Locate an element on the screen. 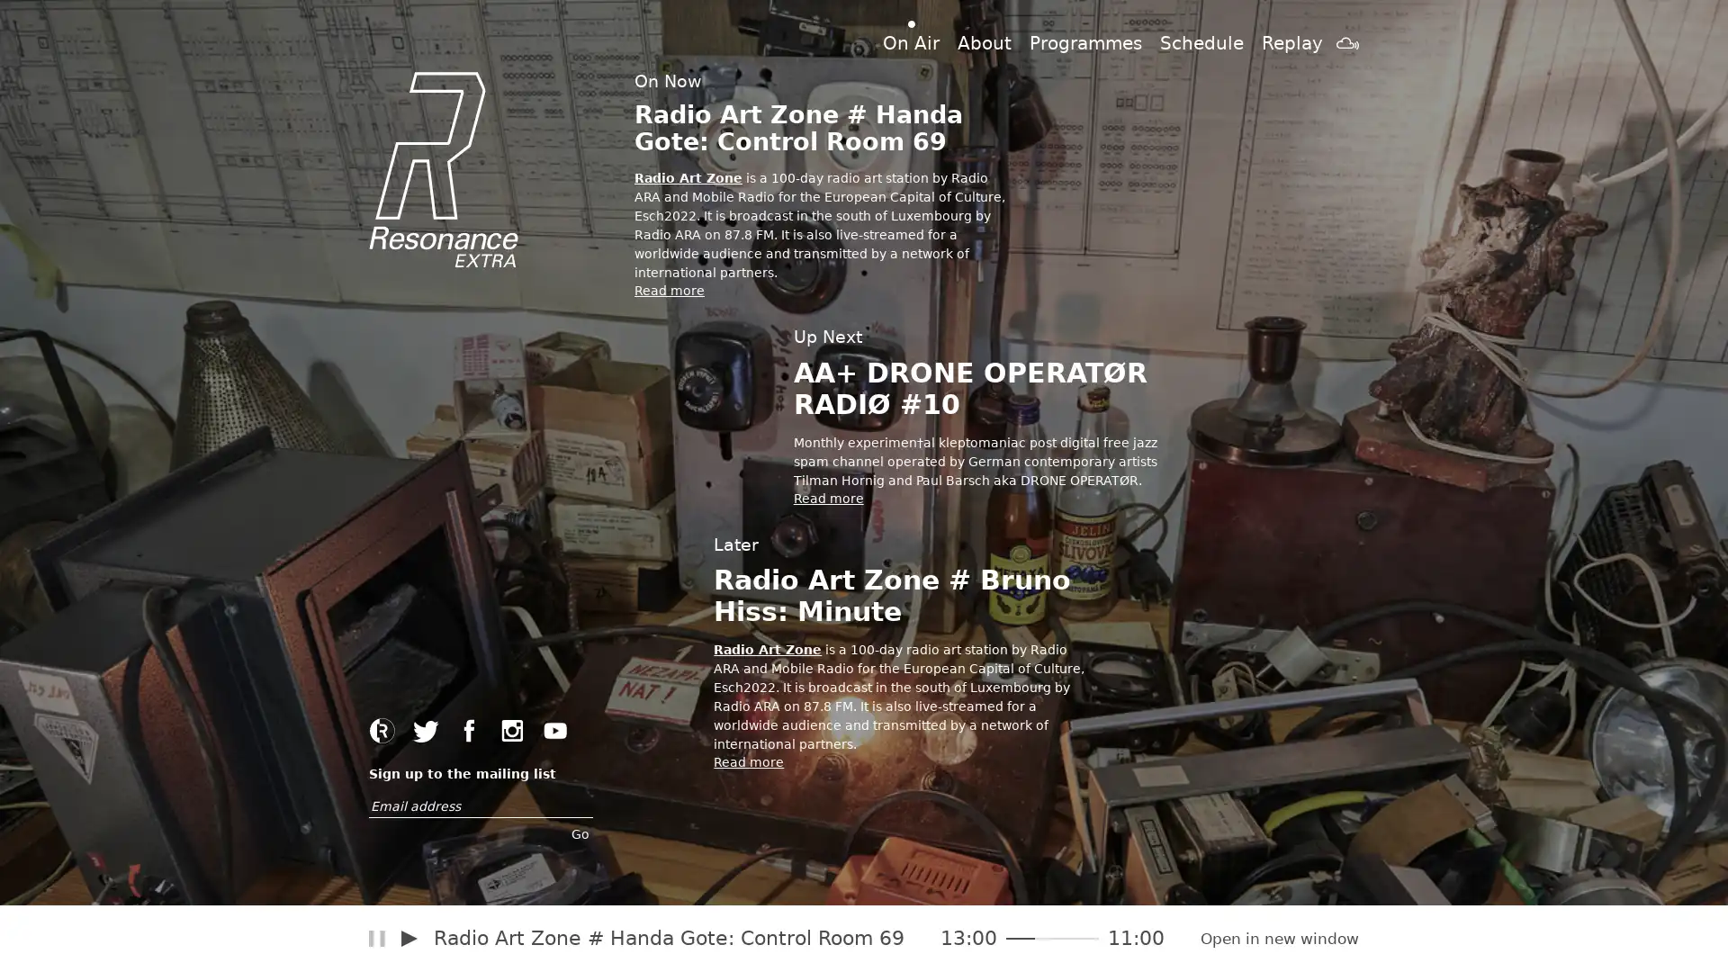 This screenshot has width=1728, height=972. Go is located at coordinates (580, 829).